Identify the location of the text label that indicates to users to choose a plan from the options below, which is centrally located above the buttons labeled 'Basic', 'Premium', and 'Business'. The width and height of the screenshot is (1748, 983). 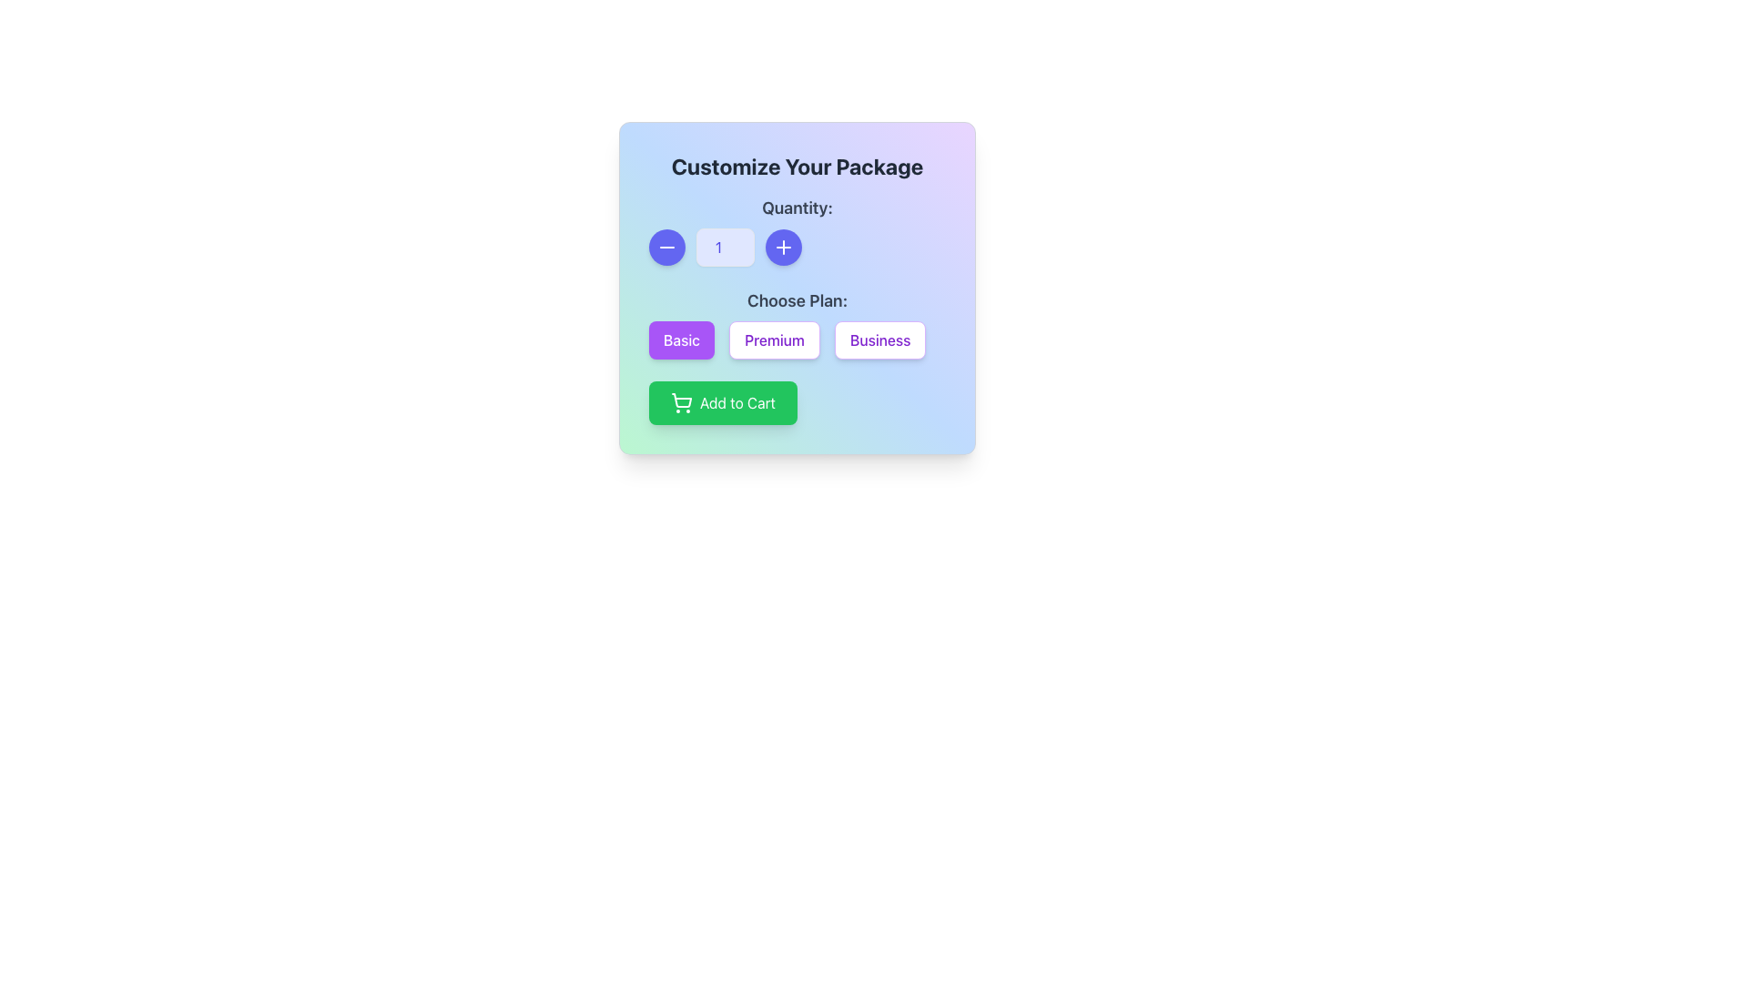
(797, 300).